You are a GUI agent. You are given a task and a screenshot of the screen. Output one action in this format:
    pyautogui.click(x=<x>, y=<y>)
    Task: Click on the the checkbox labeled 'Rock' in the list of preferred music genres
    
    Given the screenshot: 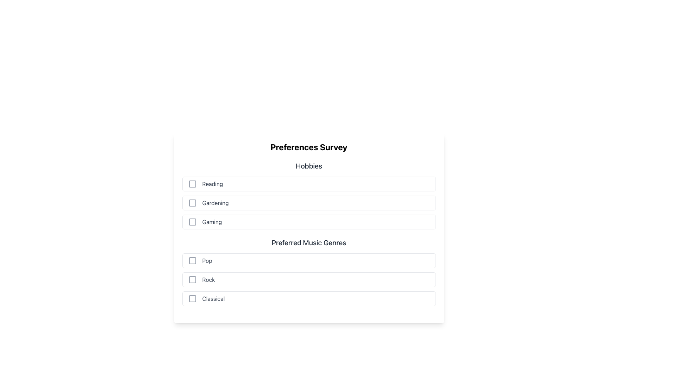 What is the action you would take?
    pyautogui.click(x=309, y=279)
    